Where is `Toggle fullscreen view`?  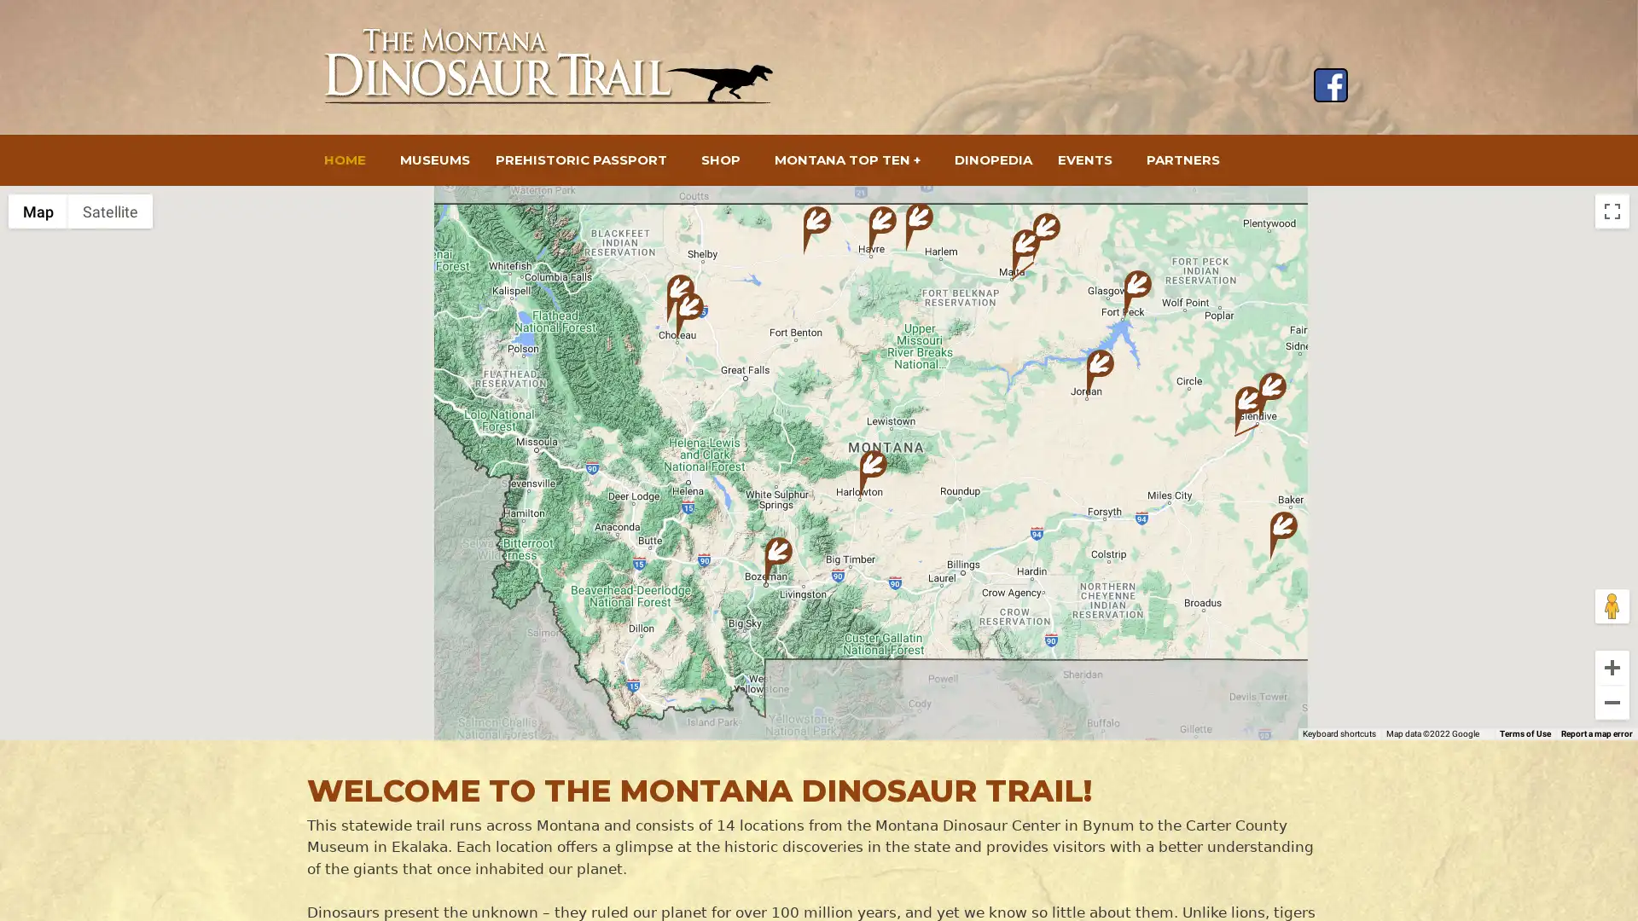
Toggle fullscreen view is located at coordinates (1612, 210).